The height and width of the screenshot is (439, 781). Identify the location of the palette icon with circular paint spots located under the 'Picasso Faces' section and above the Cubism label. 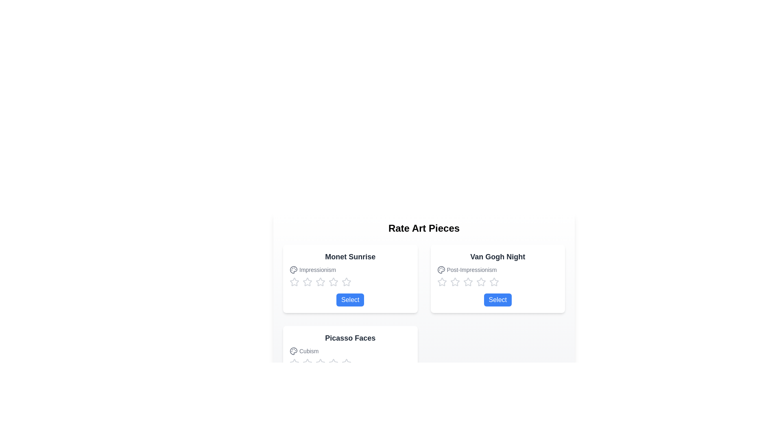
(293, 351).